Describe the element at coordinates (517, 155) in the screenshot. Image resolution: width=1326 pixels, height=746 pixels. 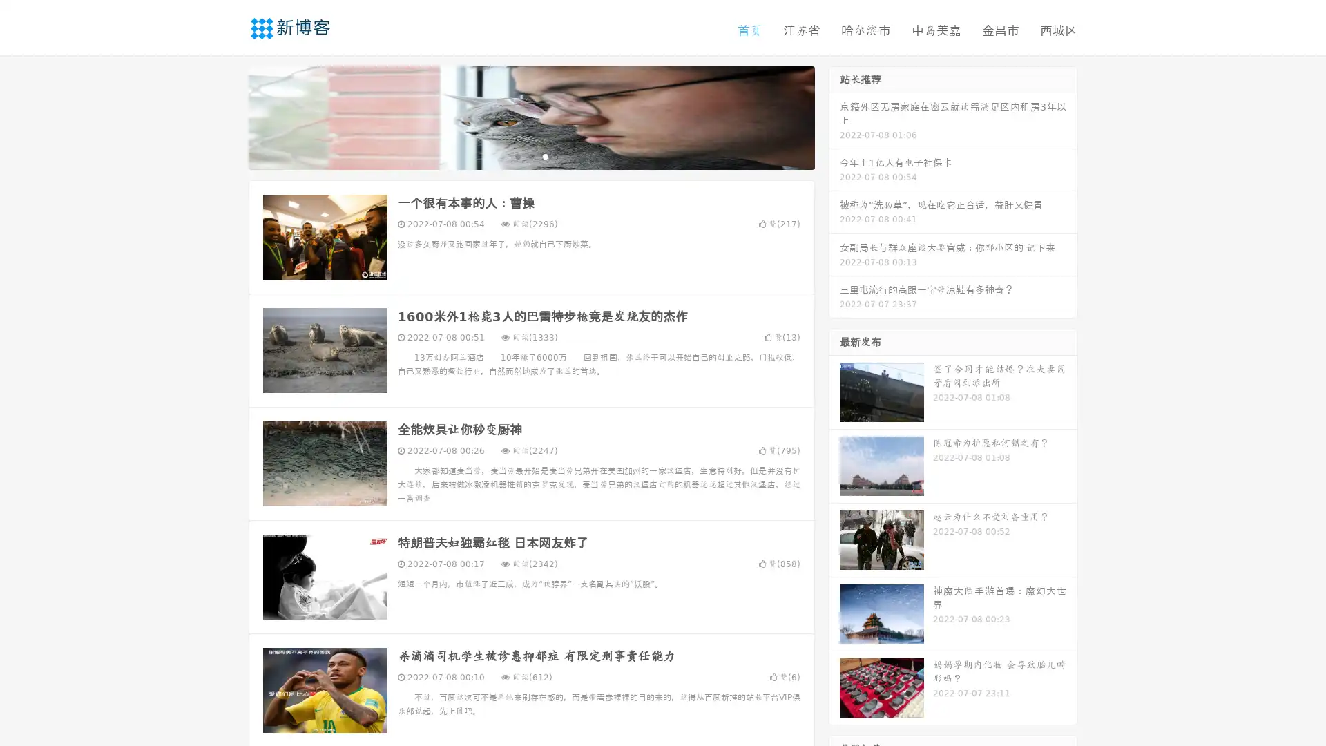
I see `Go to slide 1` at that location.